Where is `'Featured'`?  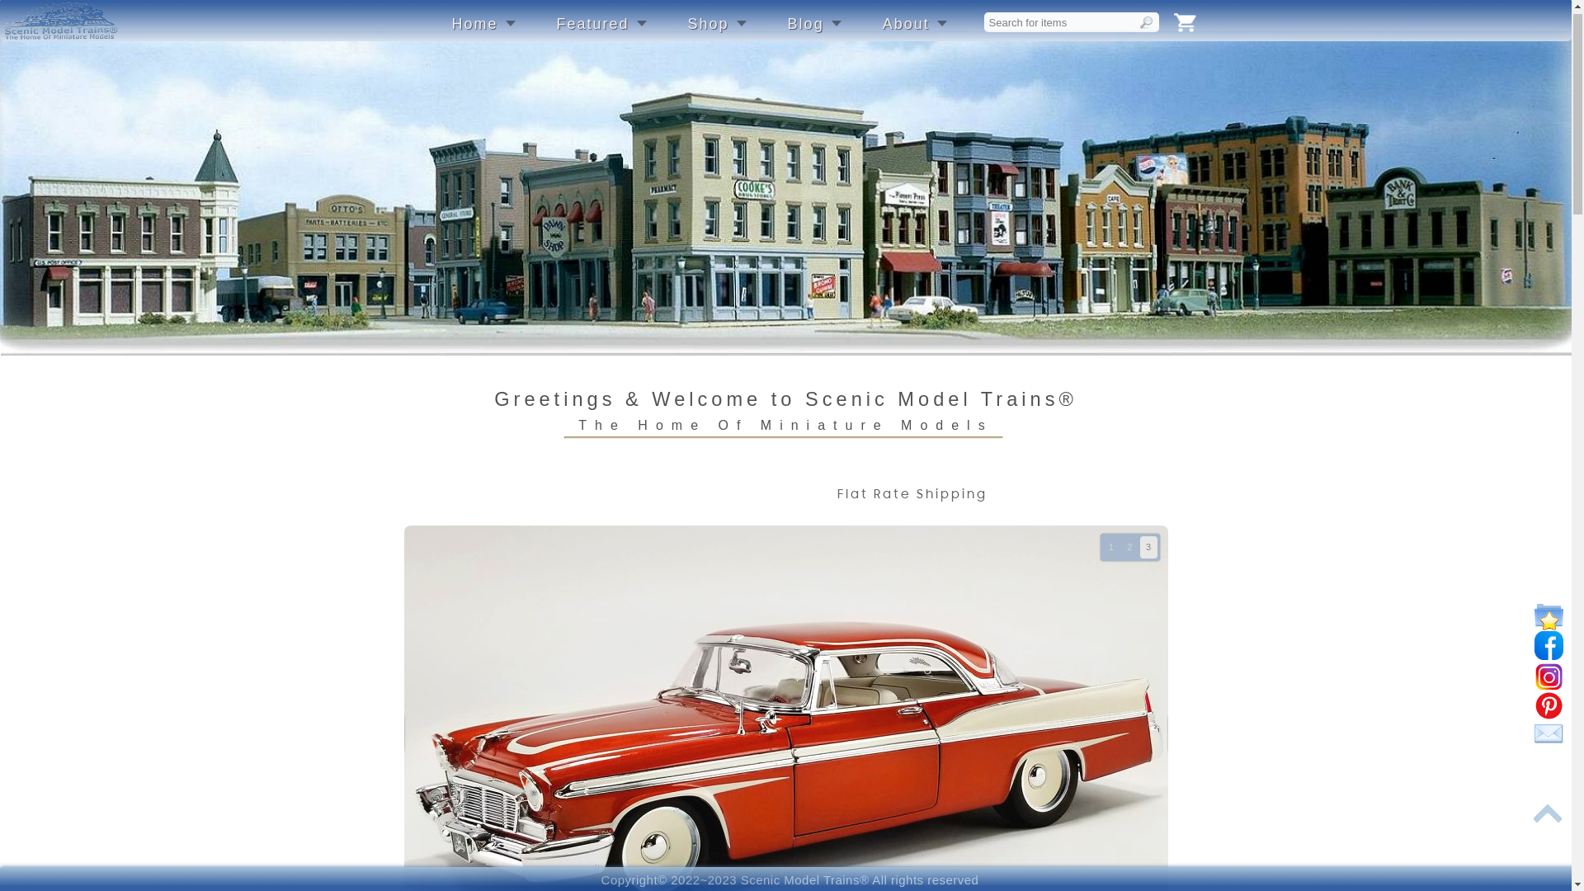 'Featured' is located at coordinates (601, 32).